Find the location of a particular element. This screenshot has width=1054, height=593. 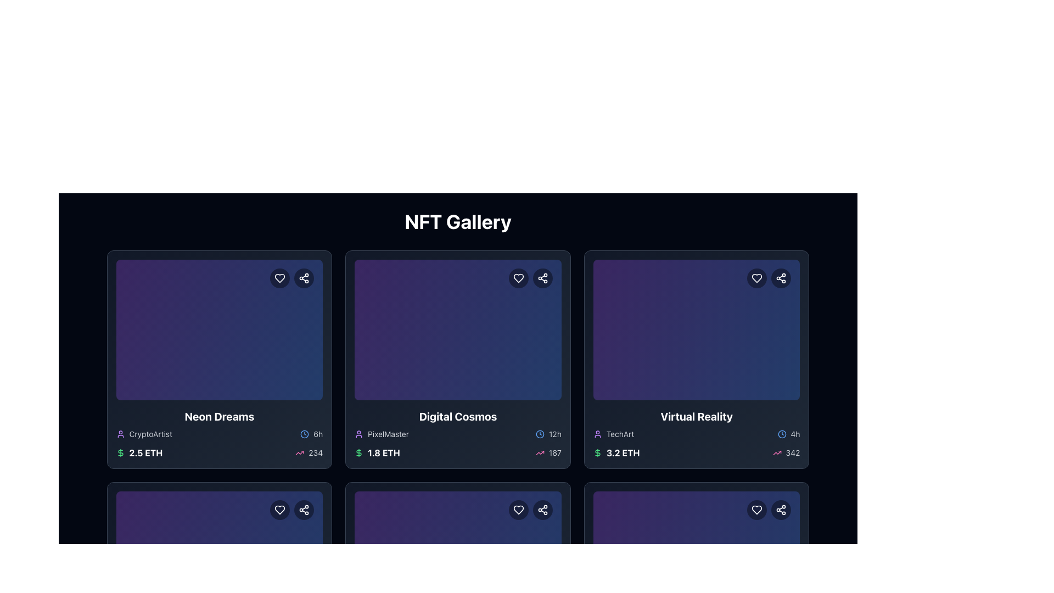

the user or artist icon located on the left side of the 'TechArt' user information display beneath the 'Virtual Reality' card in the third column of the NFT gallery is located at coordinates (597, 433).